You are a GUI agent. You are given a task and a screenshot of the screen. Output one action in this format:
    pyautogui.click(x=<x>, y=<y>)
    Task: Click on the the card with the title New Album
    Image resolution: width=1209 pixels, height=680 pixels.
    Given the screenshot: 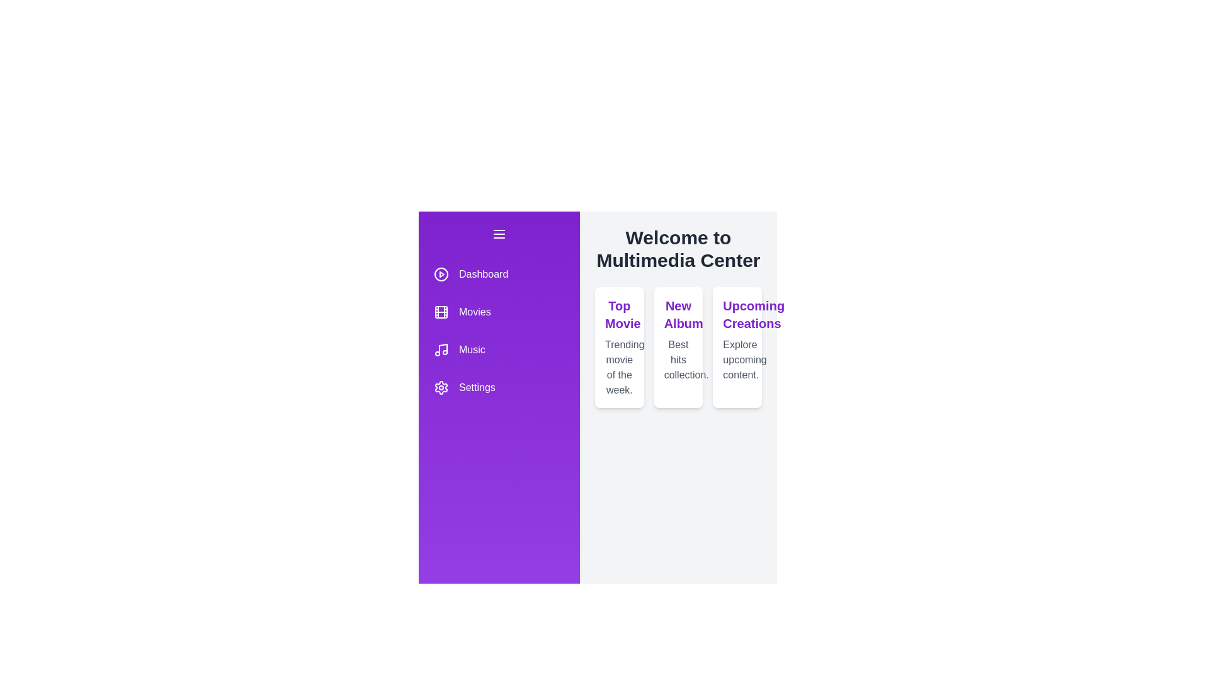 What is the action you would take?
    pyautogui.click(x=678, y=347)
    